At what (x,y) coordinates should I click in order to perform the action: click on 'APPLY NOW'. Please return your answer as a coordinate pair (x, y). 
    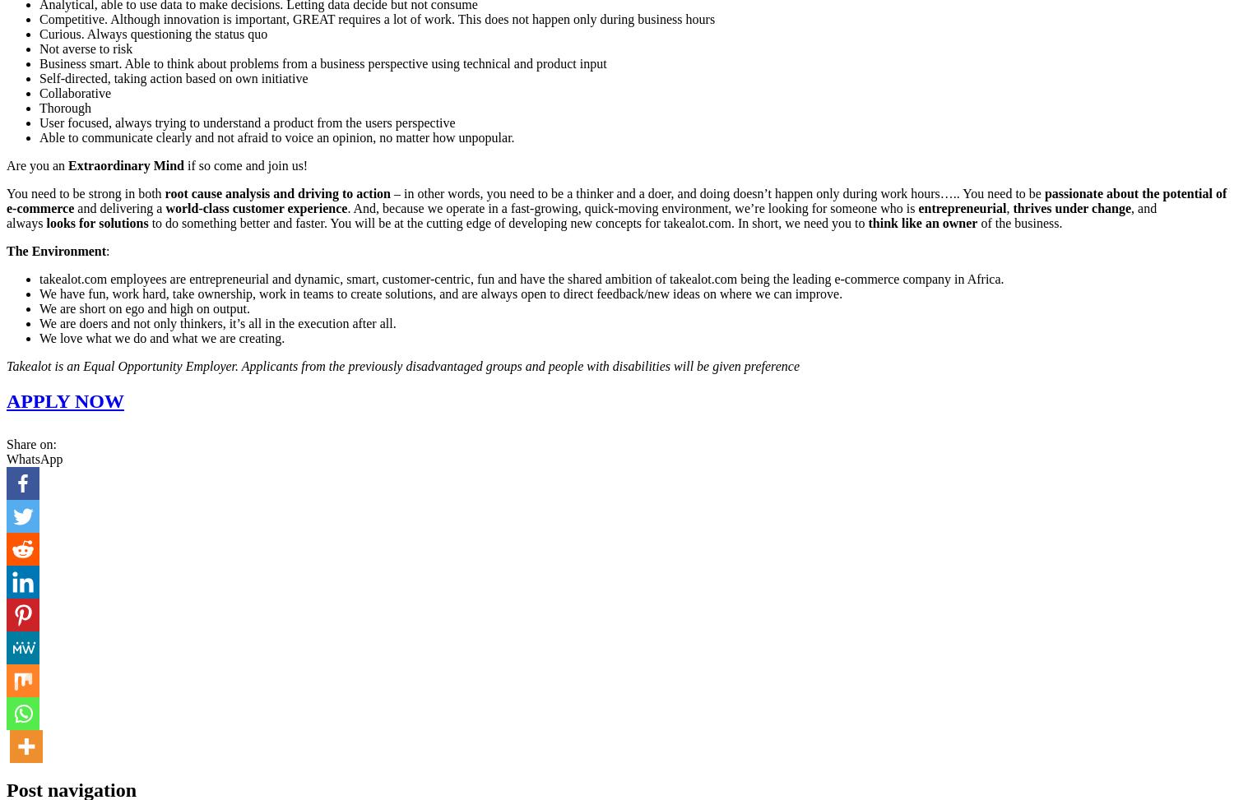
    Looking at the image, I should click on (64, 400).